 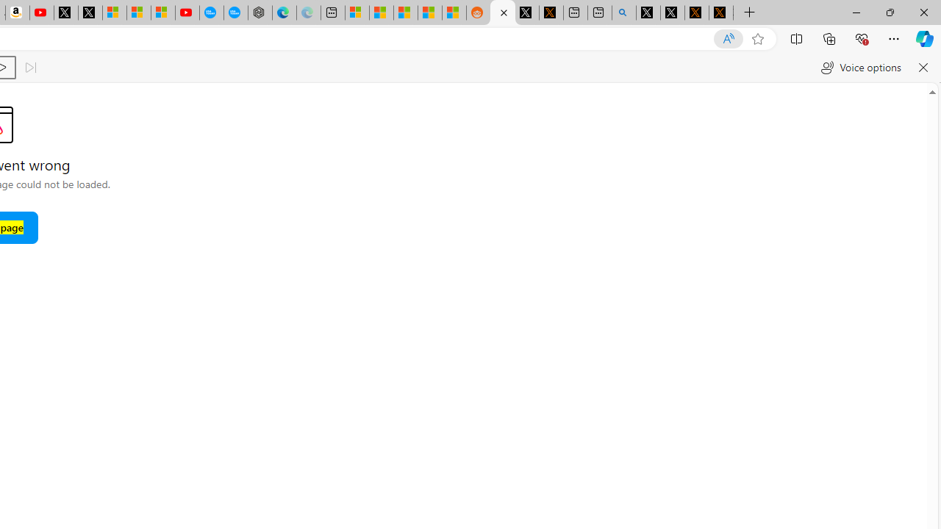 What do you see at coordinates (861, 68) in the screenshot?
I see `'Voice options'` at bounding box center [861, 68].